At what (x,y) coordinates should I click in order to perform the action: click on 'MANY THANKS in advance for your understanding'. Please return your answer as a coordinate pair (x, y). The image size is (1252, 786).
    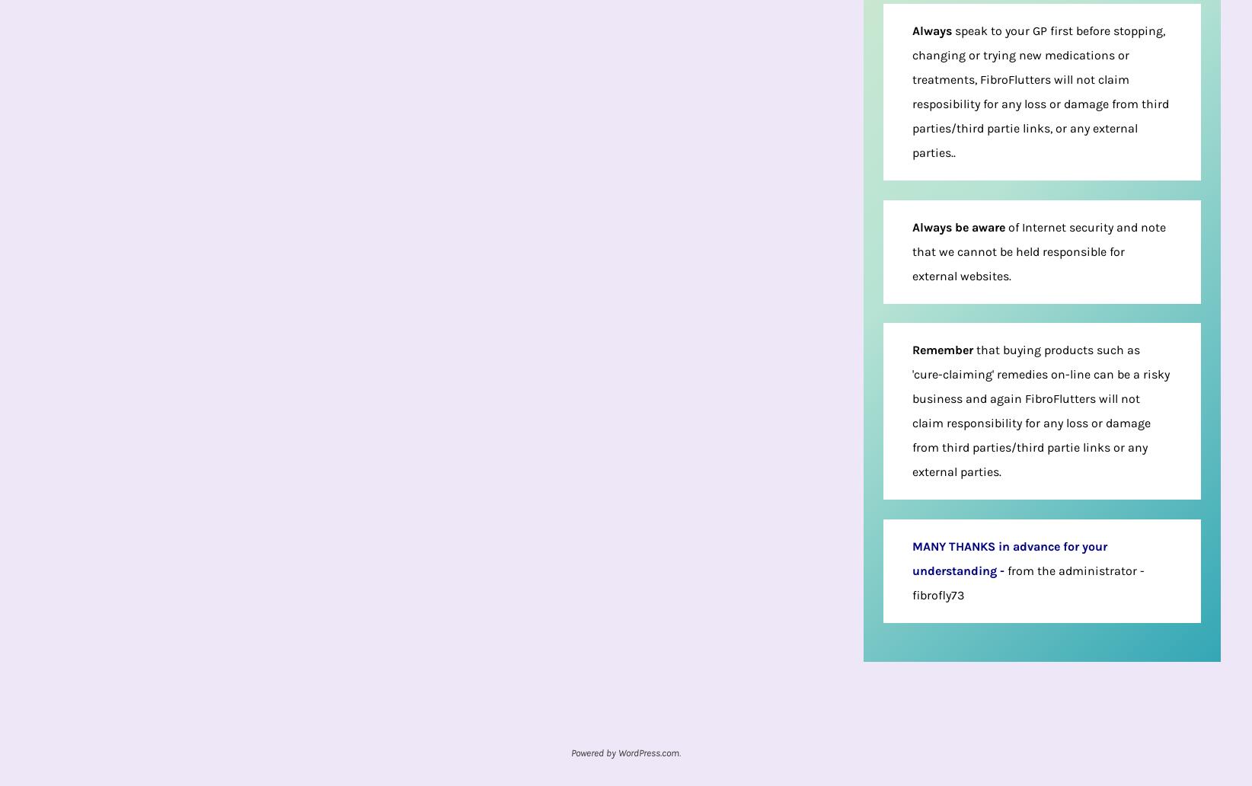
    Looking at the image, I should click on (1010, 557).